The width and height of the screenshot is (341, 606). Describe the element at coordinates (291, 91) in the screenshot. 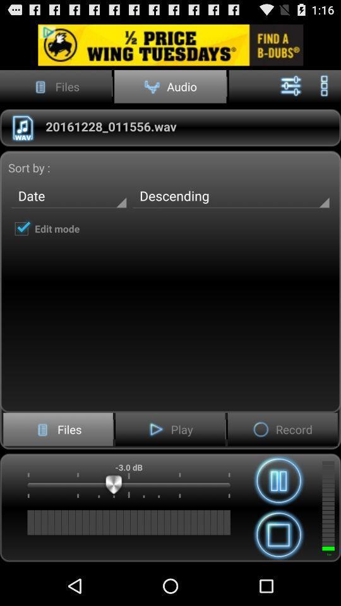

I see `the sliders icon` at that location.